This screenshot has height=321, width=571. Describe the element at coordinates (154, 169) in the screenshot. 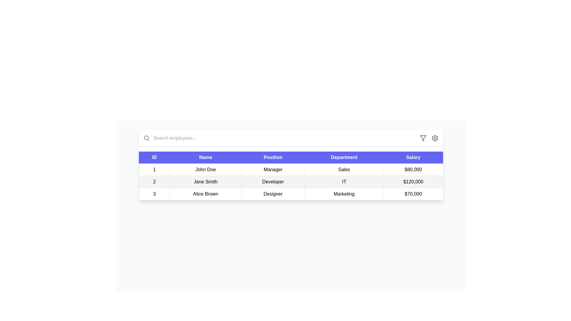

I see `the table cell displaying the number '1', which is the first column entry in the first row of the table, aligned with the 'ID' header` at that location.